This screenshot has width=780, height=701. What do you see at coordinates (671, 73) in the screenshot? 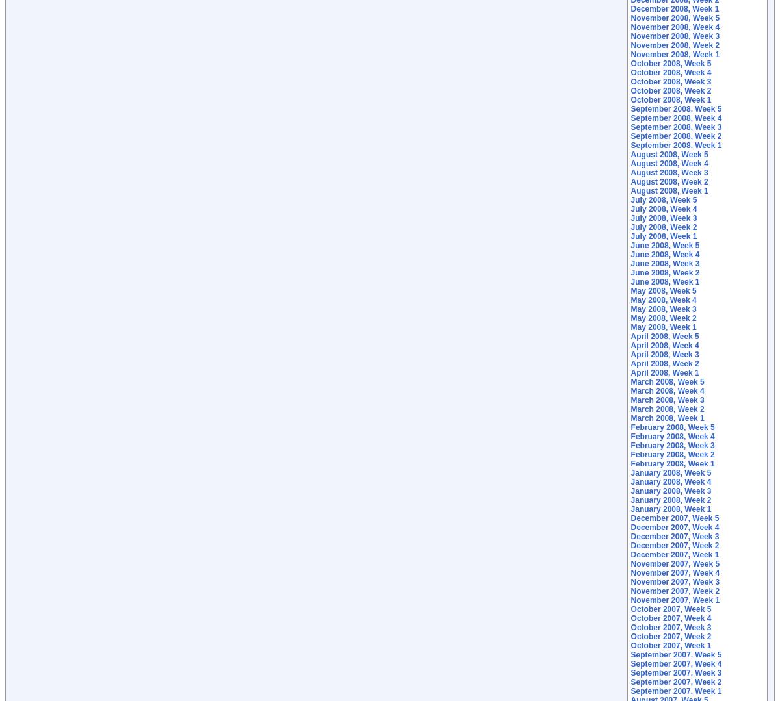
I see `'October 2008, Week 4'` at bounding box center [671, 73].